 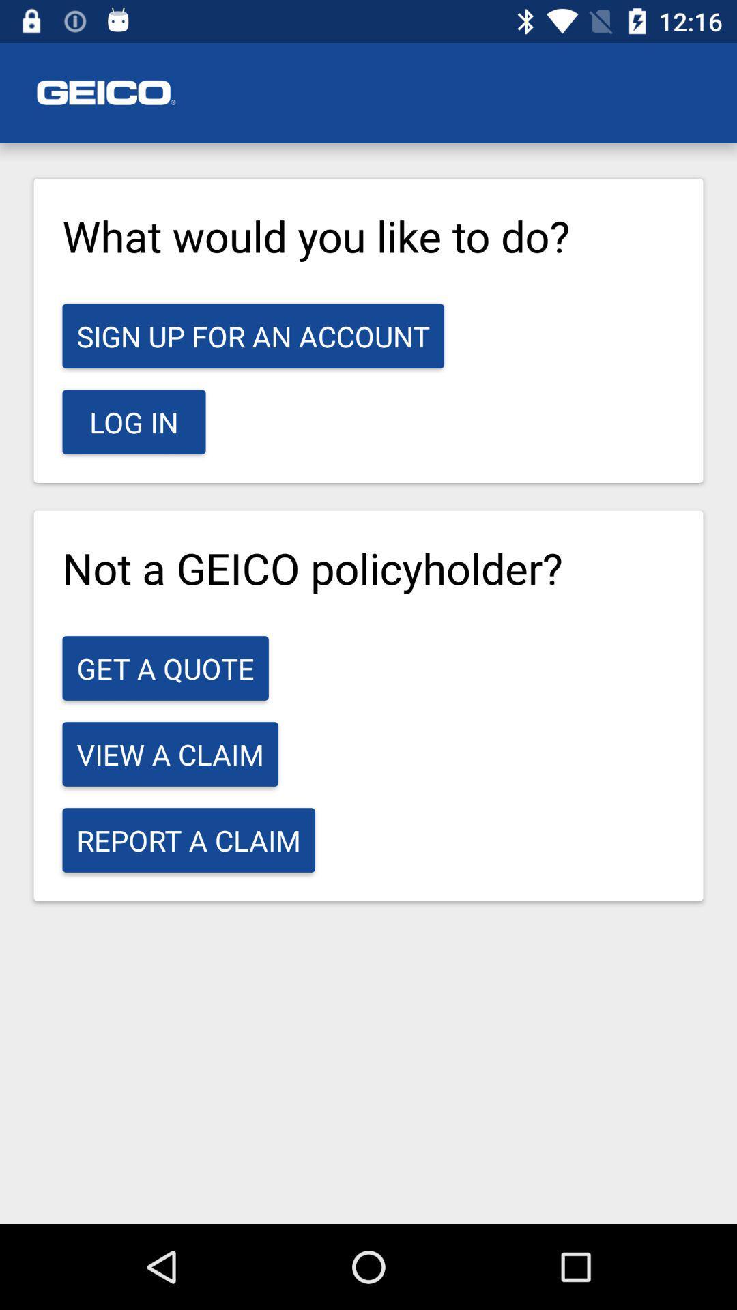 What do you see at coordinates (164, 668) in the screenshot?
I see `icon below the not a geico icon` at bounding box center [164, 668].